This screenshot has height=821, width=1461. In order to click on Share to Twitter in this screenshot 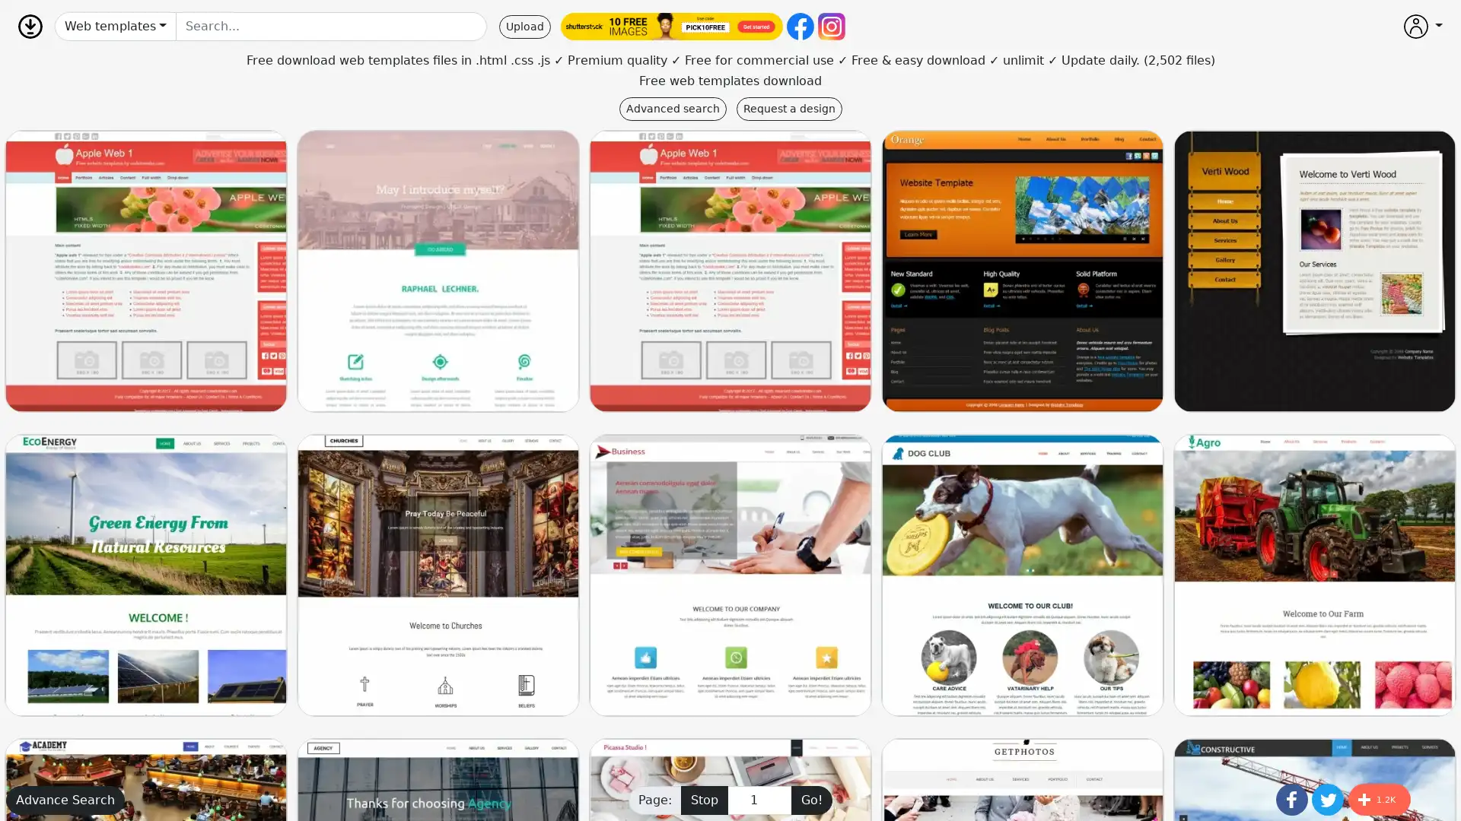, I will do `click(1329, 799)`.